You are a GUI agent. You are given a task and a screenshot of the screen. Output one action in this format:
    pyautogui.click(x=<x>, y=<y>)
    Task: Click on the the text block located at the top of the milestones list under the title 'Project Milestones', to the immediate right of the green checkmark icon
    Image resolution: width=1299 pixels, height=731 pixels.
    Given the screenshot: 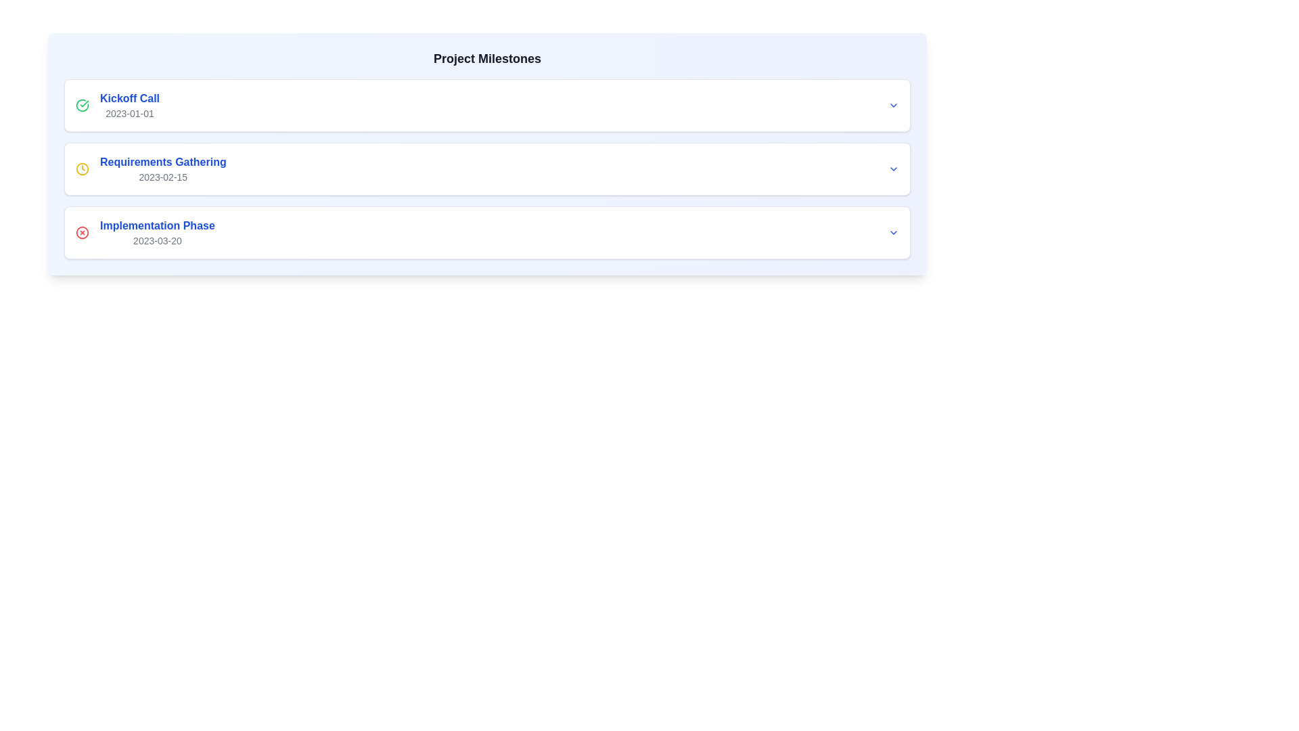 What is the action you would take?
    pyautogui.click(x=130, y=104)
    